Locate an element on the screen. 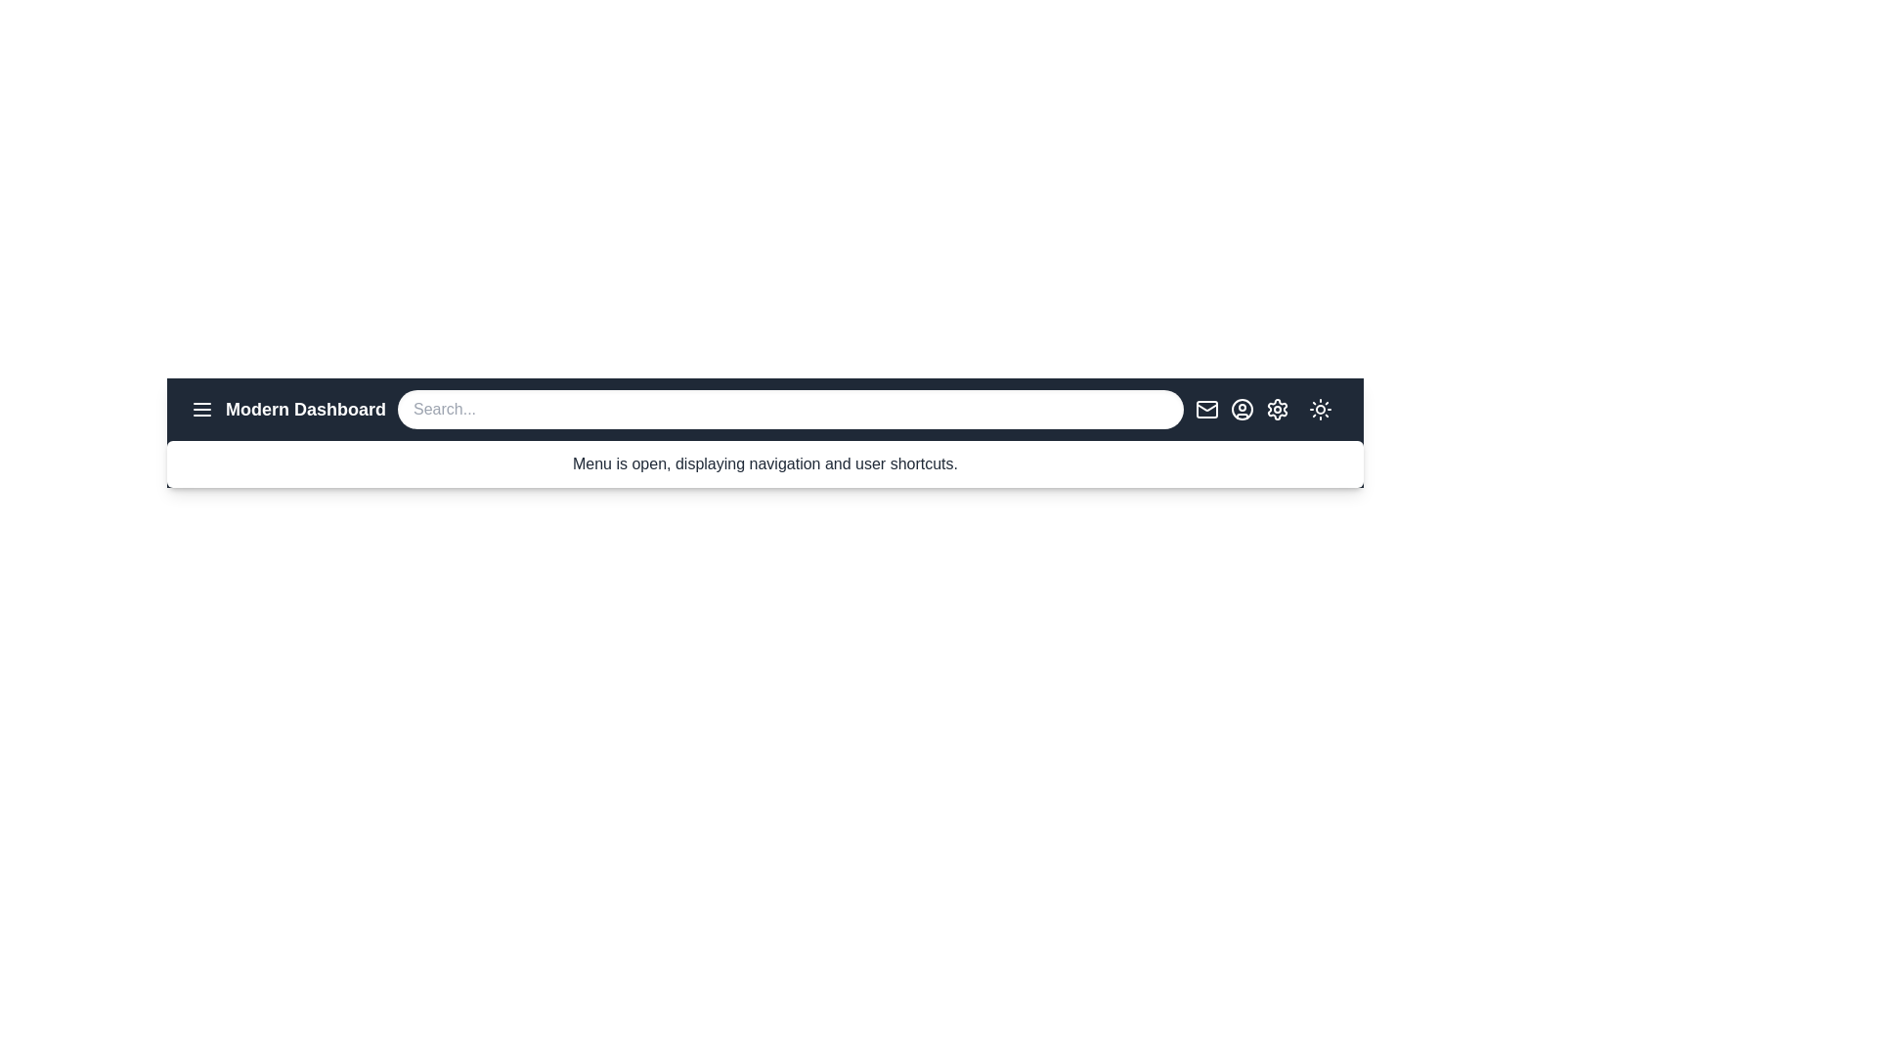 This screenshot has height=1056, width=1877. the settings icon to open the settings menu is located at coordinates (1277, 409).